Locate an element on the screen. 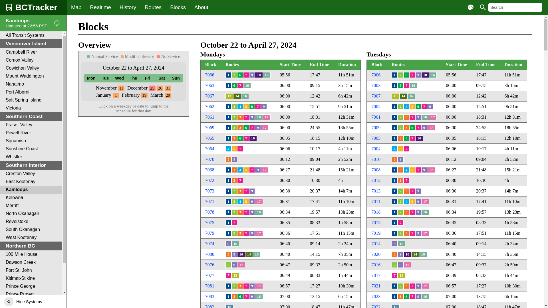  '1' is located at coordinates (228, 138).